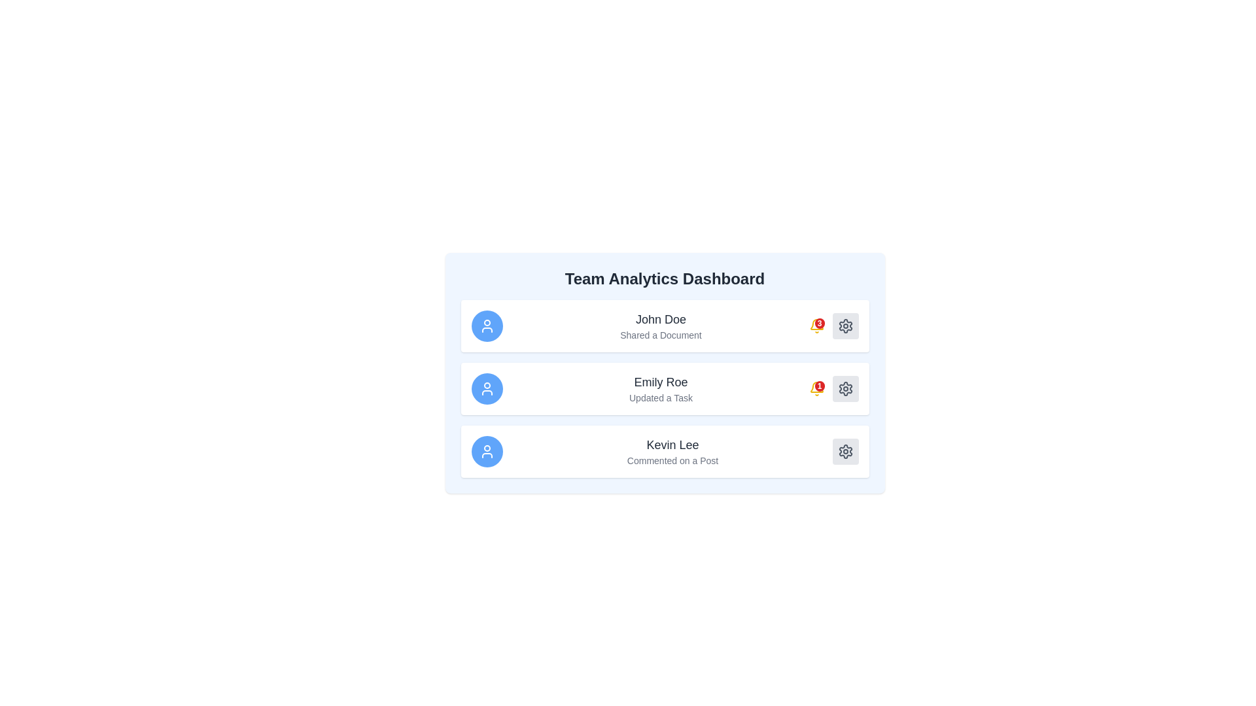 This screenshot has width=1256, height=706. I want to click on the settings button located in the third row on the far right side of the dashboard interface, so click(845, 388).